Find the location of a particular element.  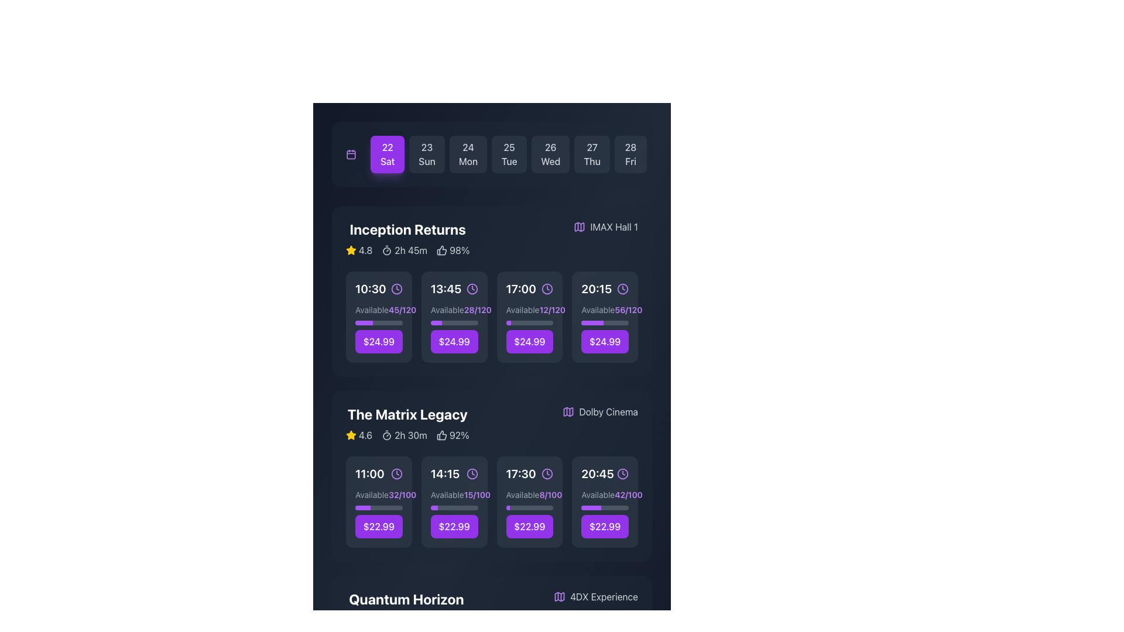

the text label displaying '2h 30m' is located at coordinates (410, 435).